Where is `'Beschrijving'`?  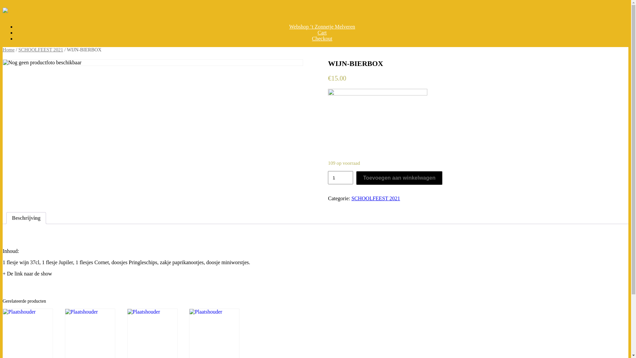
'Beschrijving' is located at coordinates (12, 218).